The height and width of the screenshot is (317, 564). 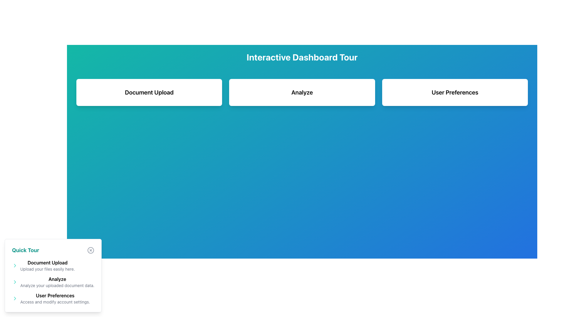 I want to click on the informational label titled 'User Preferences' which provides access to account settings, located under the 'Quick Tour' section, so click(x=55, y=299).